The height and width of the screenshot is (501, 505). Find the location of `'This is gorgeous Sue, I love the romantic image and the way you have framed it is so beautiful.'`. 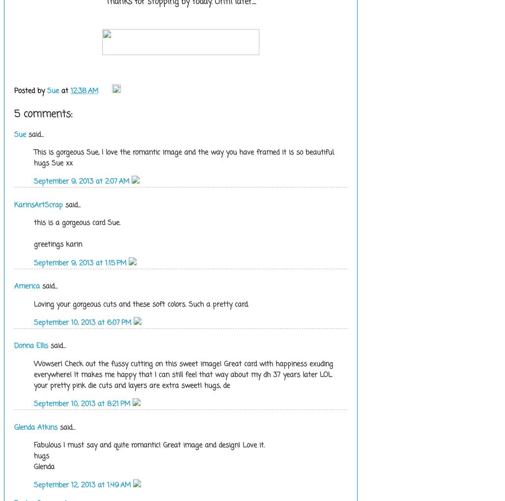

'This is gorgeous Sue, I love the romantic image and the way you have framed it is so beautiful.' is located at coordinates (184, 152).